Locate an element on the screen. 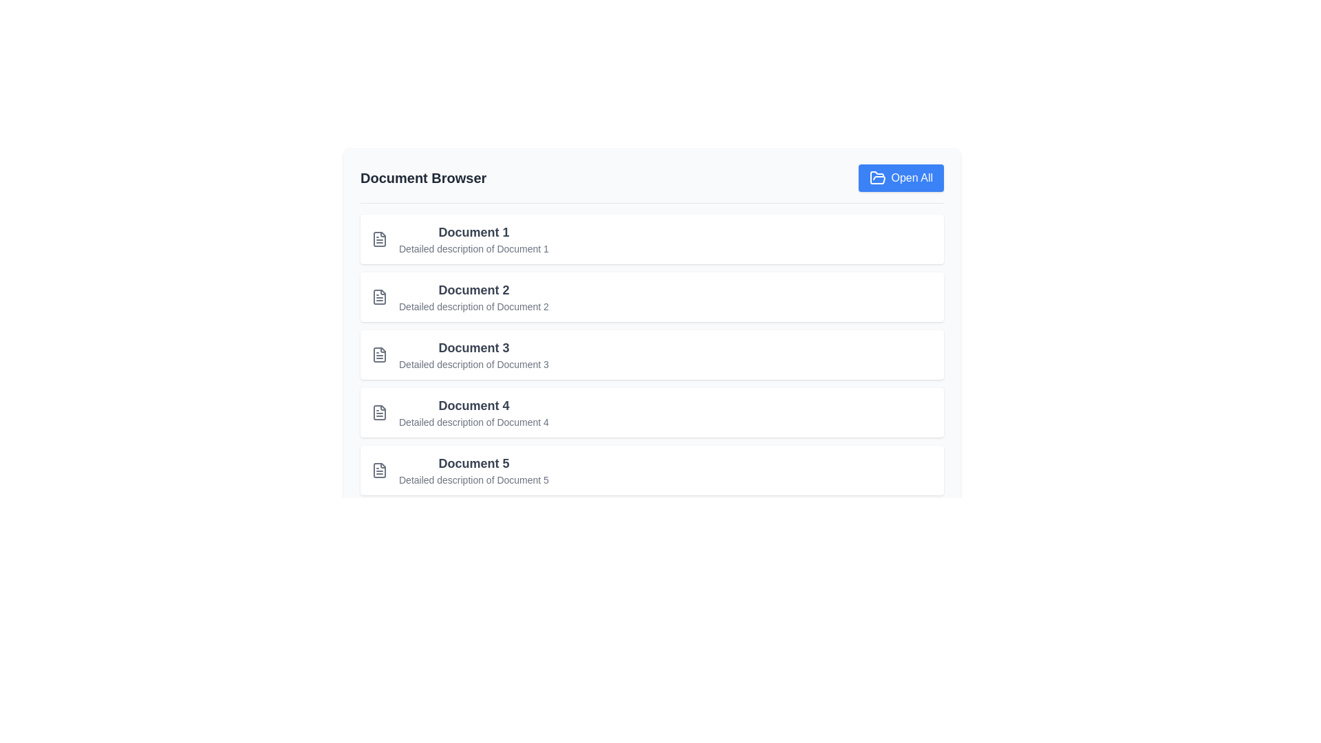  the text label that identifies a specific document within the document browser interface, located on the second list item in the vertical document list is located at coordinates (473, 289).